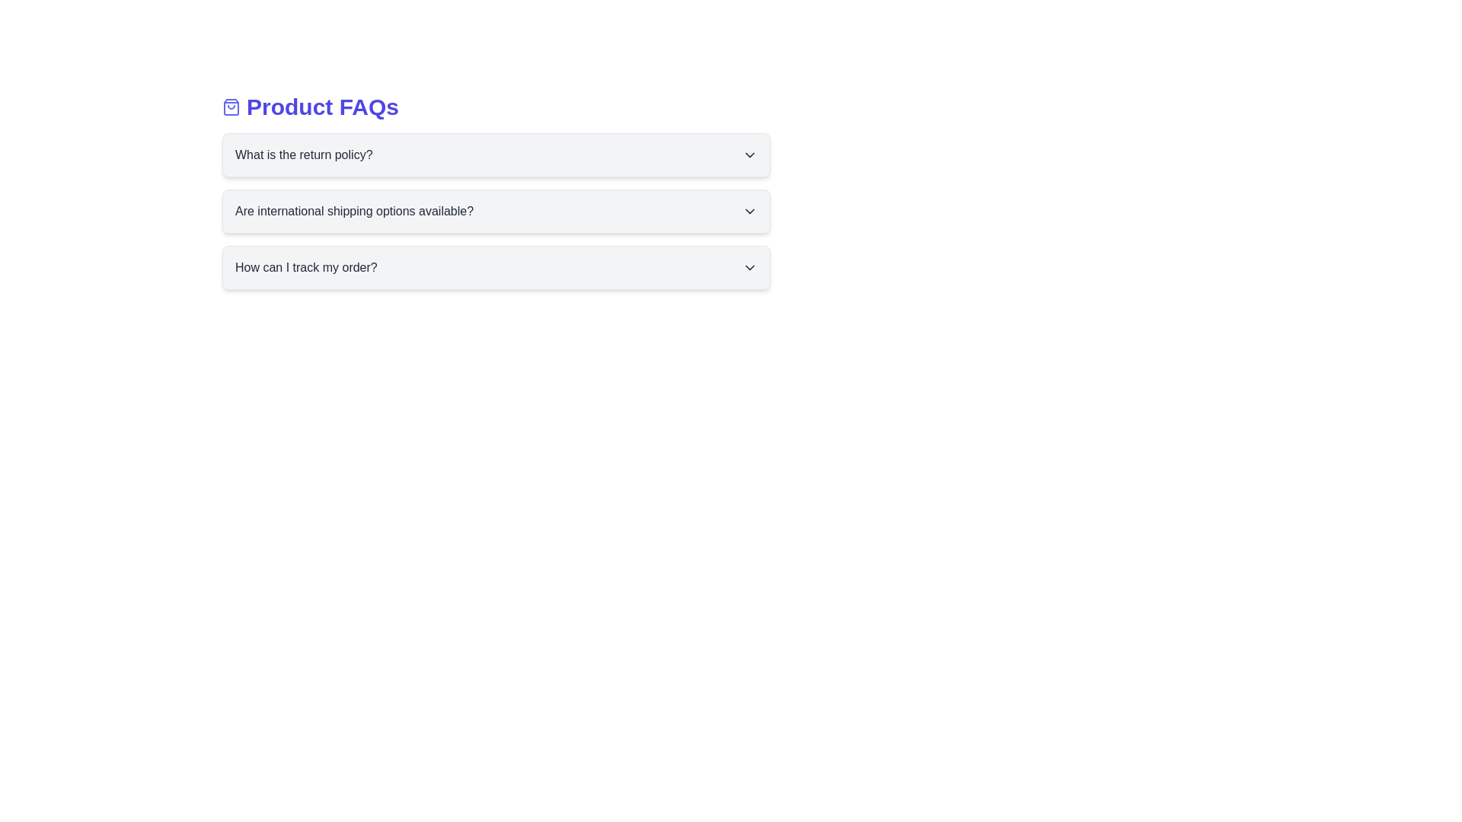 This screenshot has width=1462, height=822. I want to click on the shopping bag icon located to the left of the 'Product FAQs' heading by clicking on it, so click(230, 107).